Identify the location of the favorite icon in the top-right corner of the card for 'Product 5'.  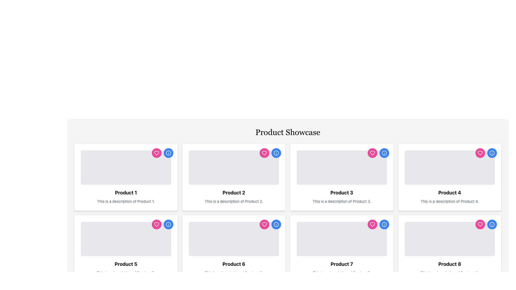
(156, 224).